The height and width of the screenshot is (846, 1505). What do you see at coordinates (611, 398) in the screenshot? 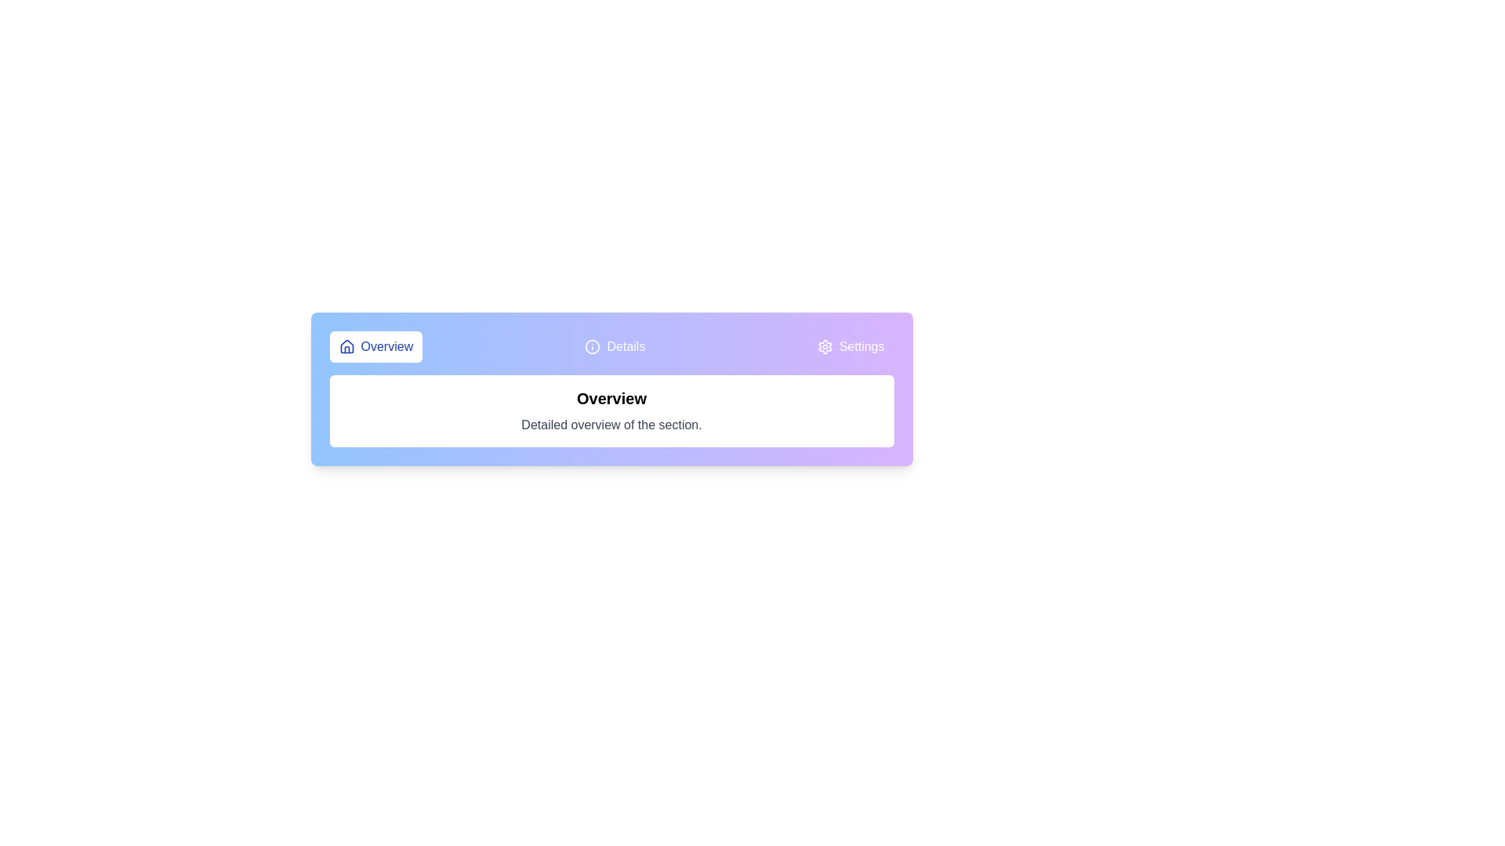
I see `the bold static text label reading 'Overview' which is prominently displayed above the descriptive text 'Detailed overview of the section' within a card-like layout` at bounding box center [611, 398].